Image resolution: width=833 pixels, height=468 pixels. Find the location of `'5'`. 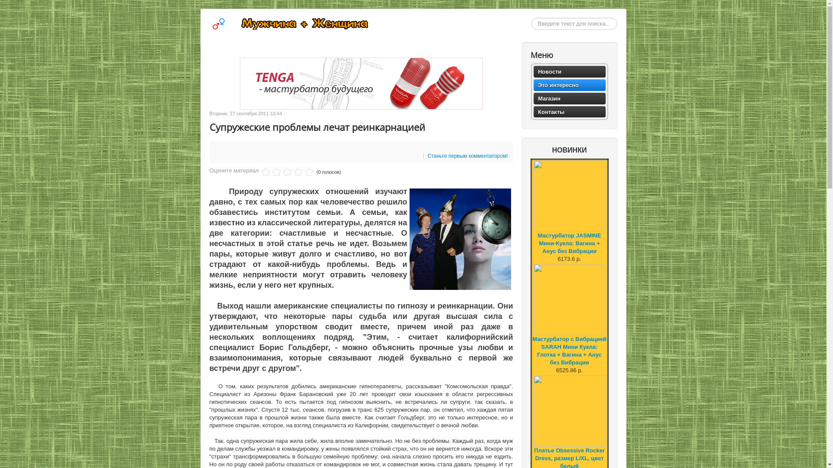

'5' is located at coordinates (287, 172).